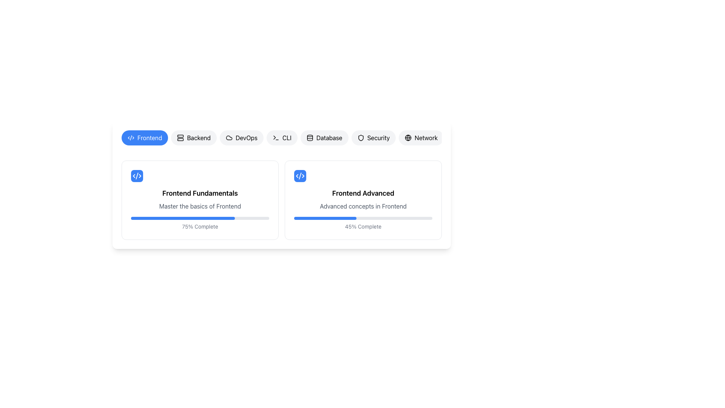  What do you see at coordinates (360, 138) in the screenshot?
I see `the 'Security' graphic icon located in the top bar area` at bounding box center [360, 138].